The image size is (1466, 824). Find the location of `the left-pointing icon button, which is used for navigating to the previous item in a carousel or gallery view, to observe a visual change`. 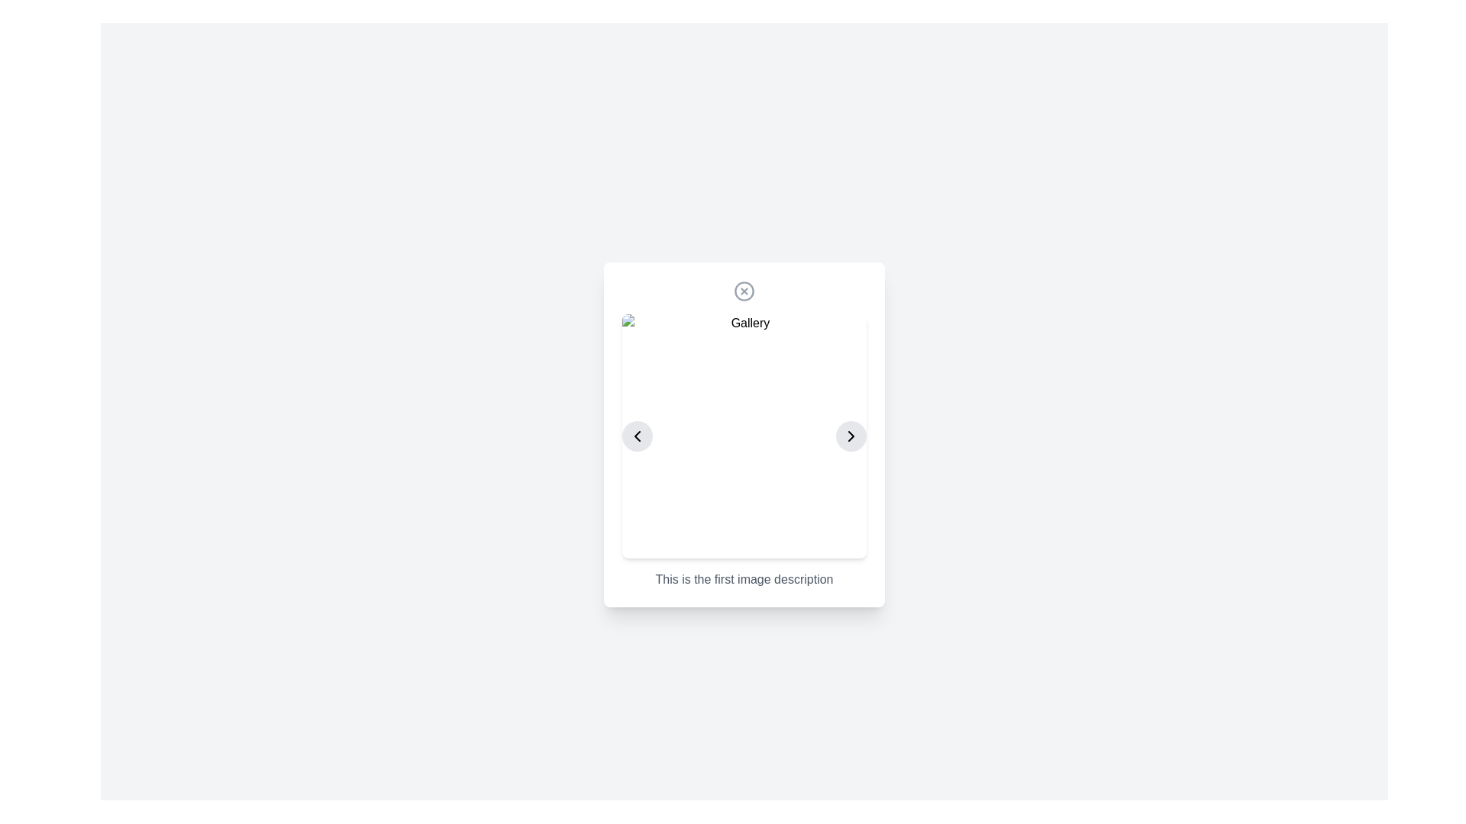

the left-pointing icon button, which is used for navigating to the previous item in a carousel or gallery view, to observe a visual change is located at coordinates (638, 436).